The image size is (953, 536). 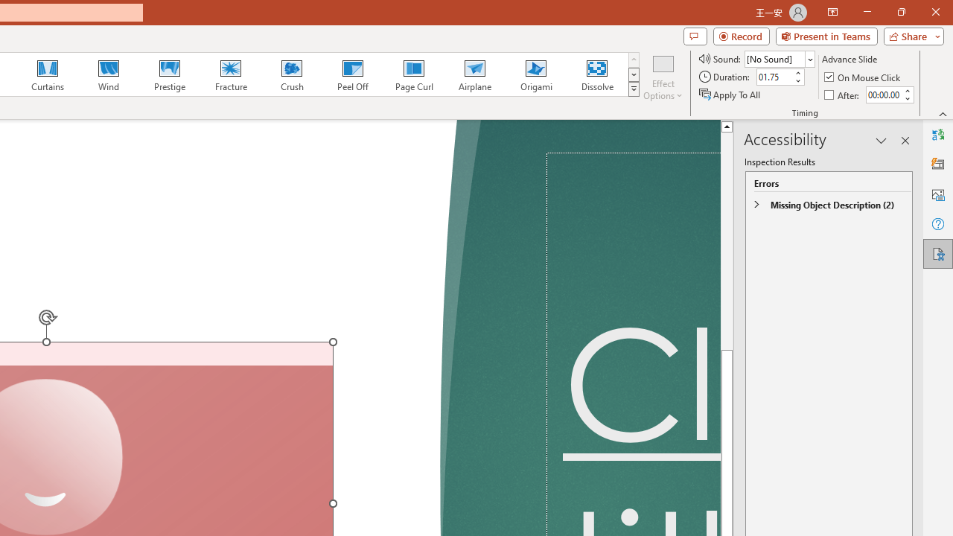 I want to click on 'Alt Text', so click(x=937, y=194).